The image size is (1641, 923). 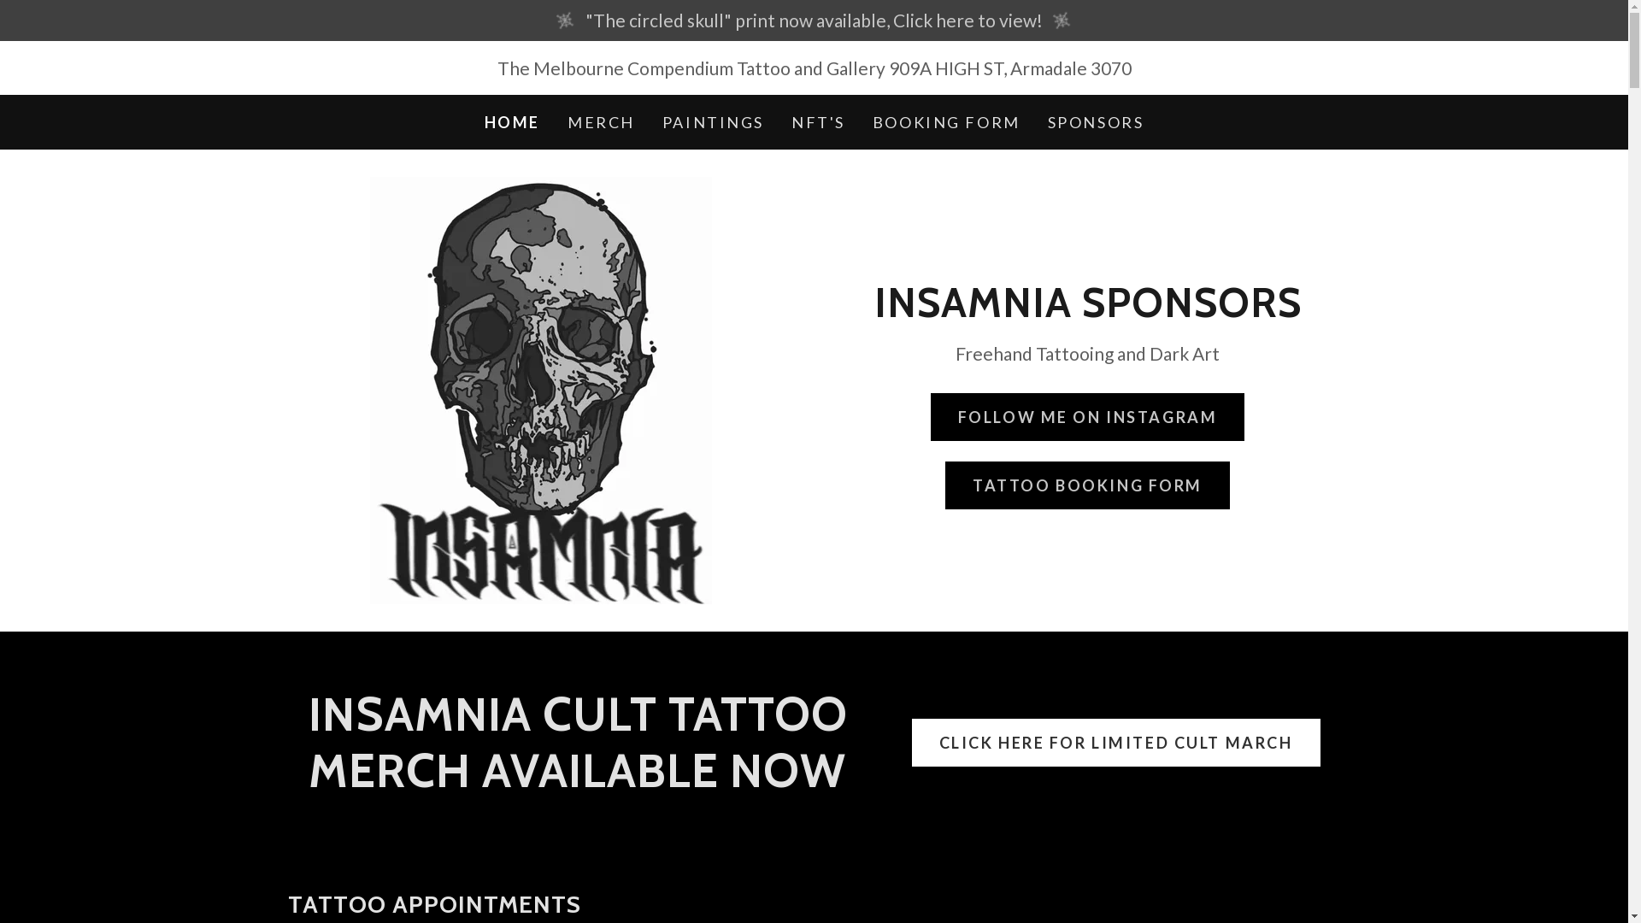 What do you see at coordinates (785, 121) in the screenshot?
I see `'NFT'S'` at bounding box center [785, 121].